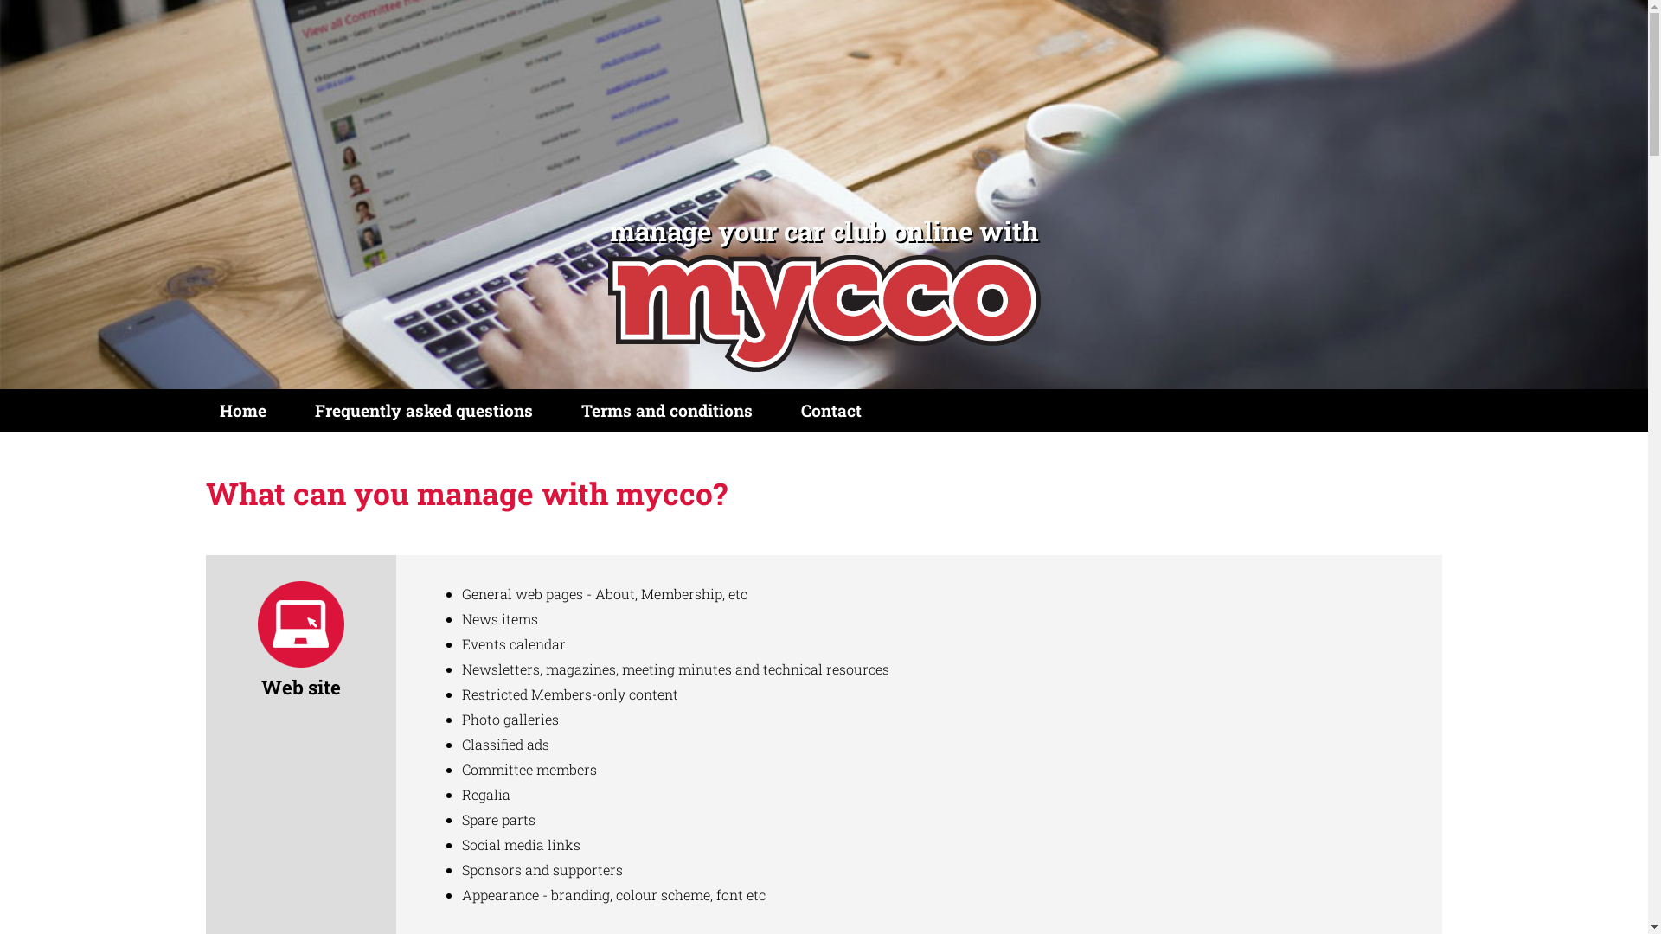  I want to click on 'Home', so click(242, 410).